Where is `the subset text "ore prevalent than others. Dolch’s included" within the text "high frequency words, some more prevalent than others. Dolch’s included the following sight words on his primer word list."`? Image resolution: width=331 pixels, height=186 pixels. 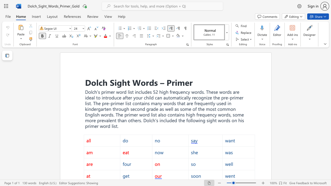 the subset text "ore prevalent than others. Dolch’s included" within the text "high frequency words, some more prevalent than others. Dolch’s included the following sight words on his primer word list." is located at coordinates (89, 120).